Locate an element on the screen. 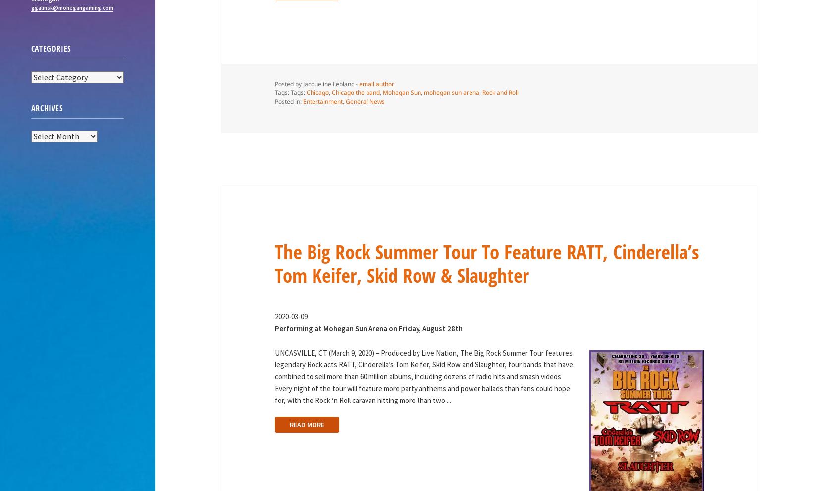  'Posted by Jacqueline Leblanc -' is located at coordinates (316, 83).